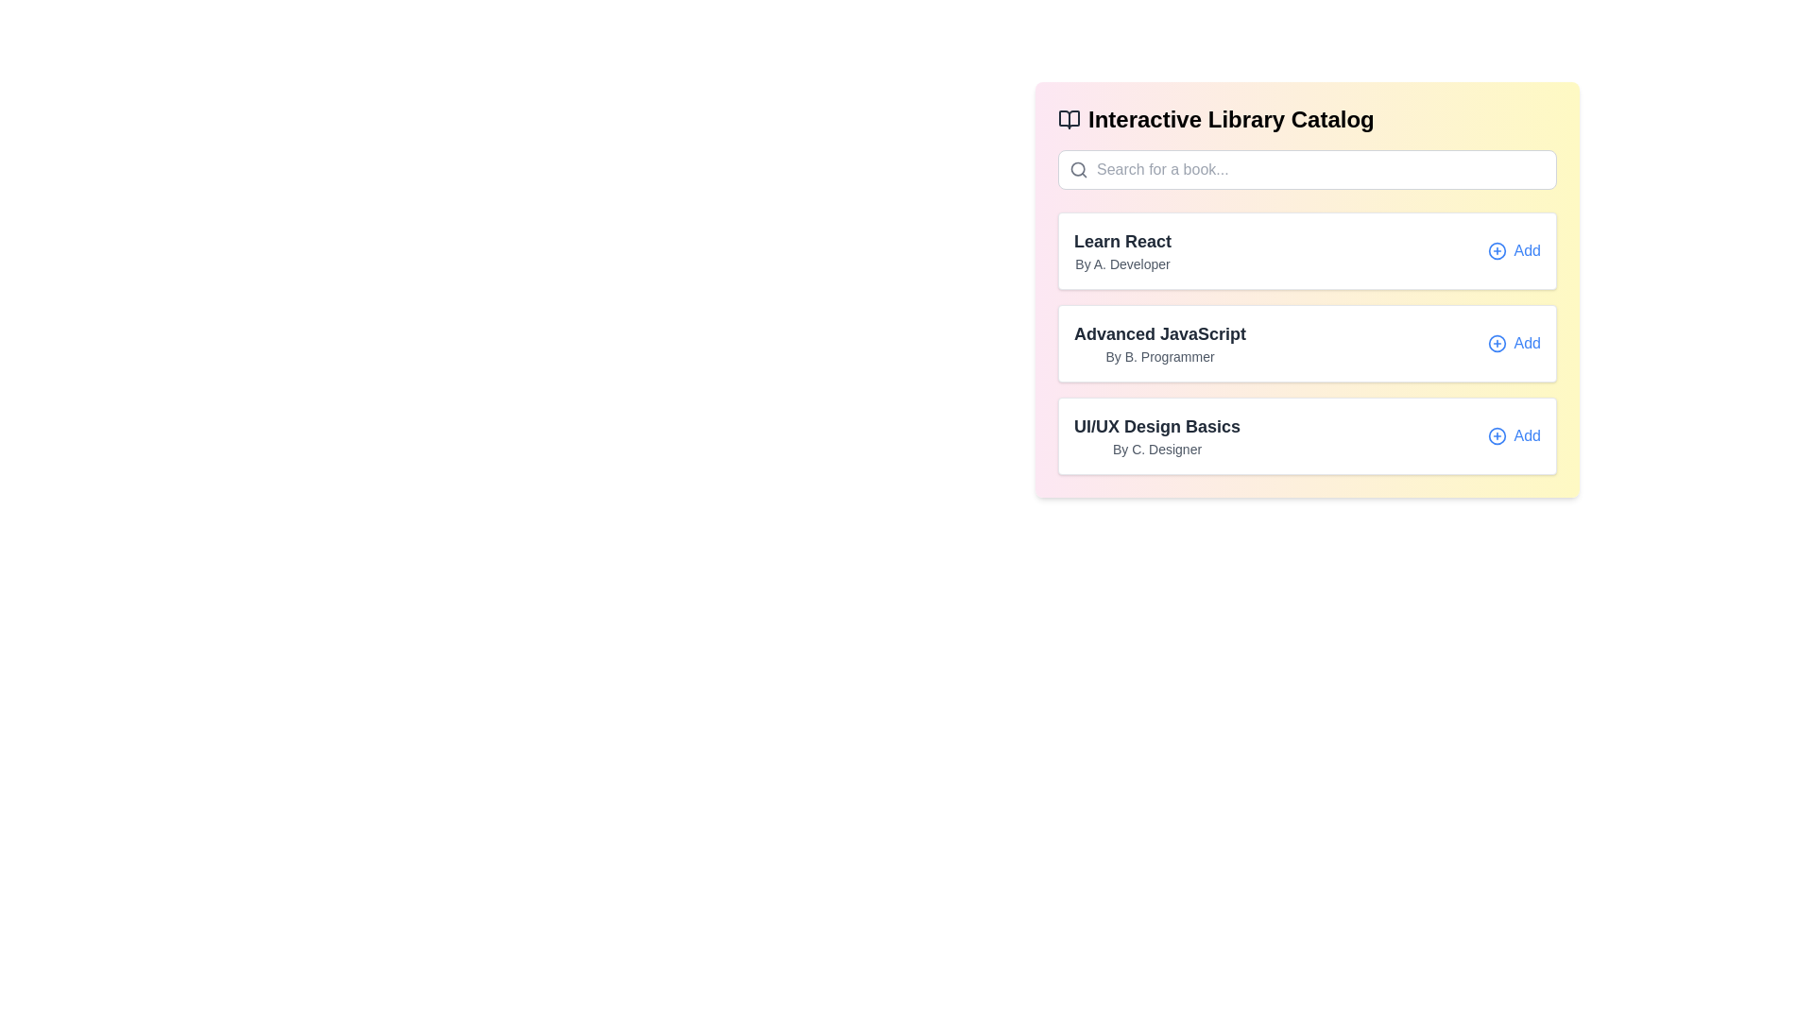 The height and width of the screenshot is (1020, 1814). What do you see at coordinates (1070, 120) in the screenshot?
I see `the left part of the icon representing an open book, which is located near the top-left corner of the application interface, accompanying the 'Interactive Library Catalog' heading` at bounding box center [1070, 120].